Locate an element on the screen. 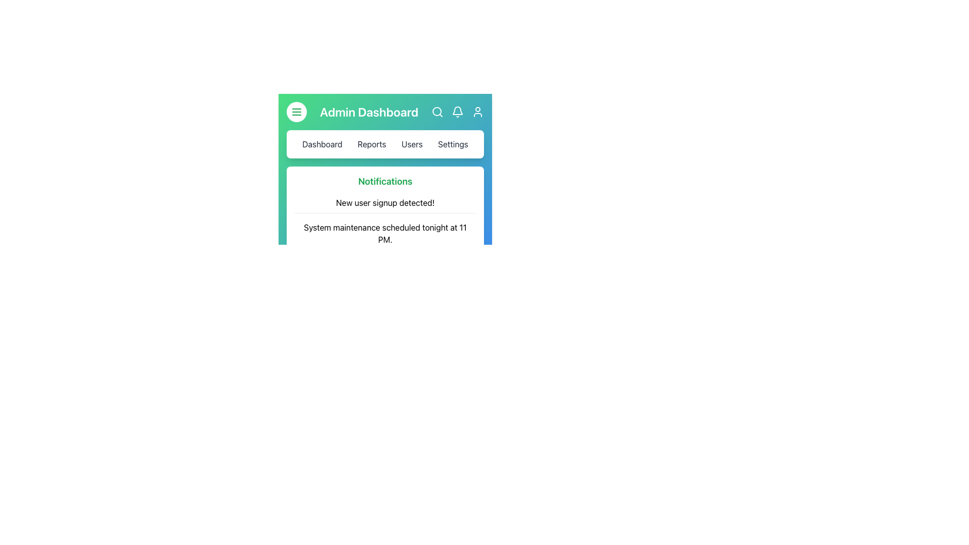 This screenshot has width=969, height=545. informational text notification that displays 'New user signup detected!' located as the first item in the notifications list under the green 'Notifications' section is located at coordinates (385, 203).